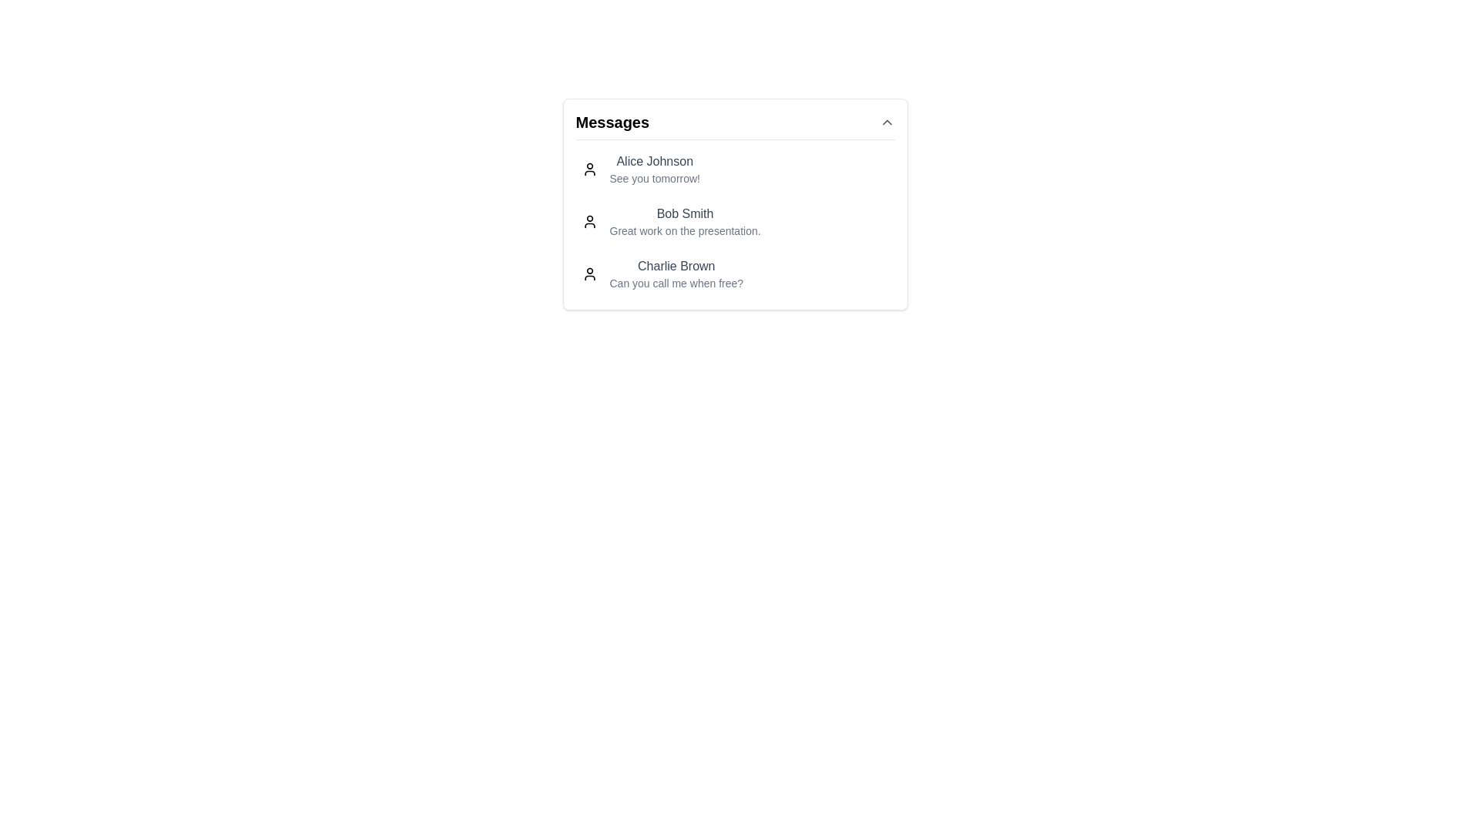 The height and width of the screenshot is (832, 1479). What do you see at coordinates (654, 169) in the screenshot?
I see `the first list item displaying the text 'Alice Johnson' and 'See you tomorrow!'` at bounding box center [654, 169].